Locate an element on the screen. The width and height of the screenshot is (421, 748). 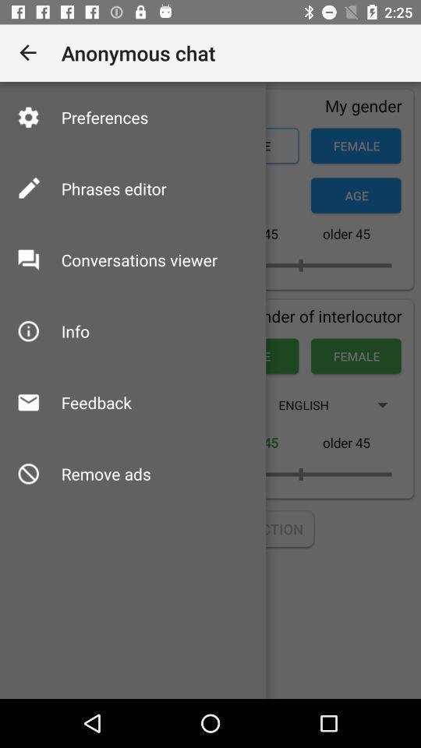
icon above the no internet connection is located at coordinates (105, 473).